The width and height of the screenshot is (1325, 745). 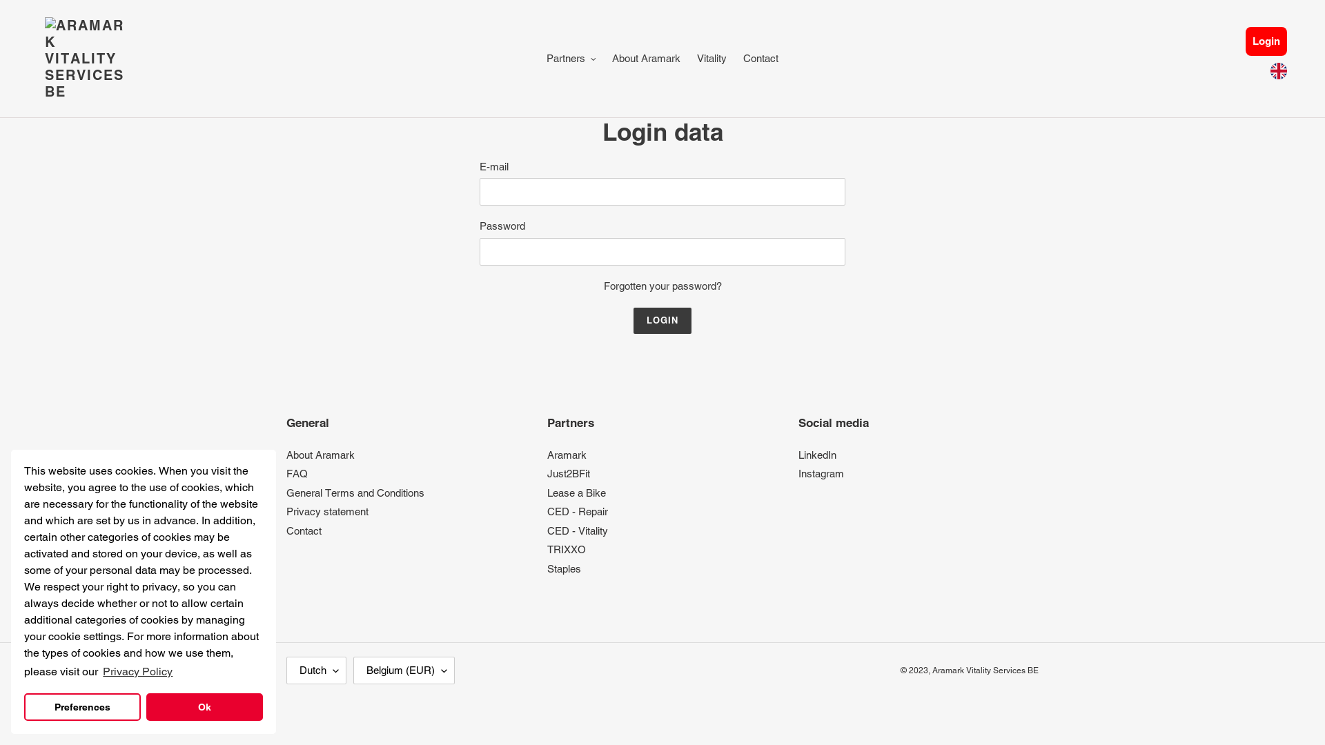 What do you see at coordinates (567, 455) in the screenshot?
I see `'Aramark'` at bounding box center [567, 455].